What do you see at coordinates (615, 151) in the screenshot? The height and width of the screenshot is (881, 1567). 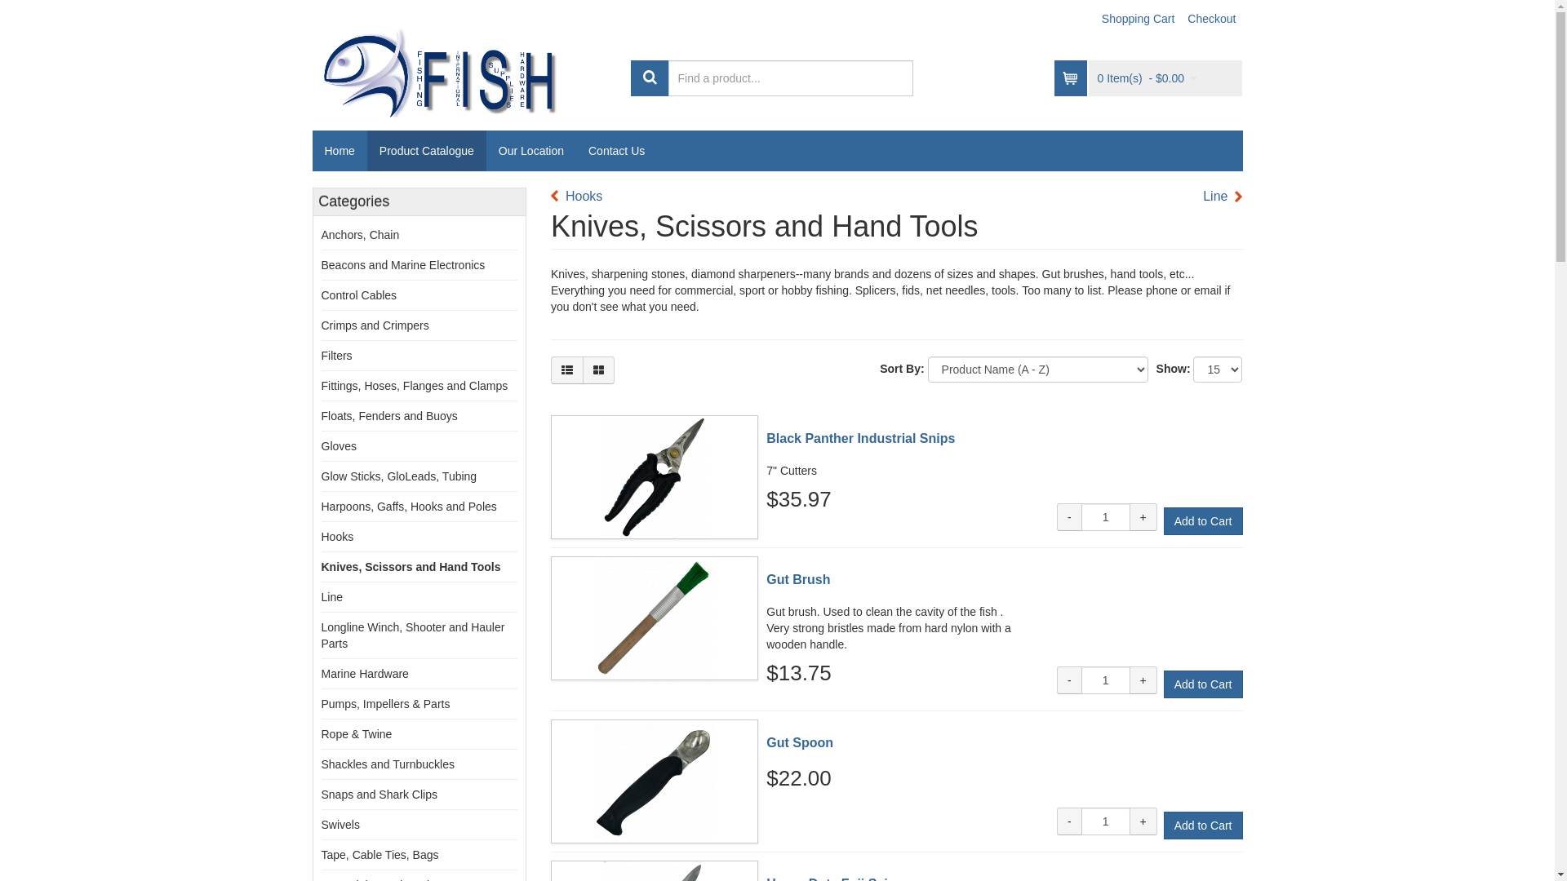 I see `'Contact Us'` at bounding box center [615, 151].